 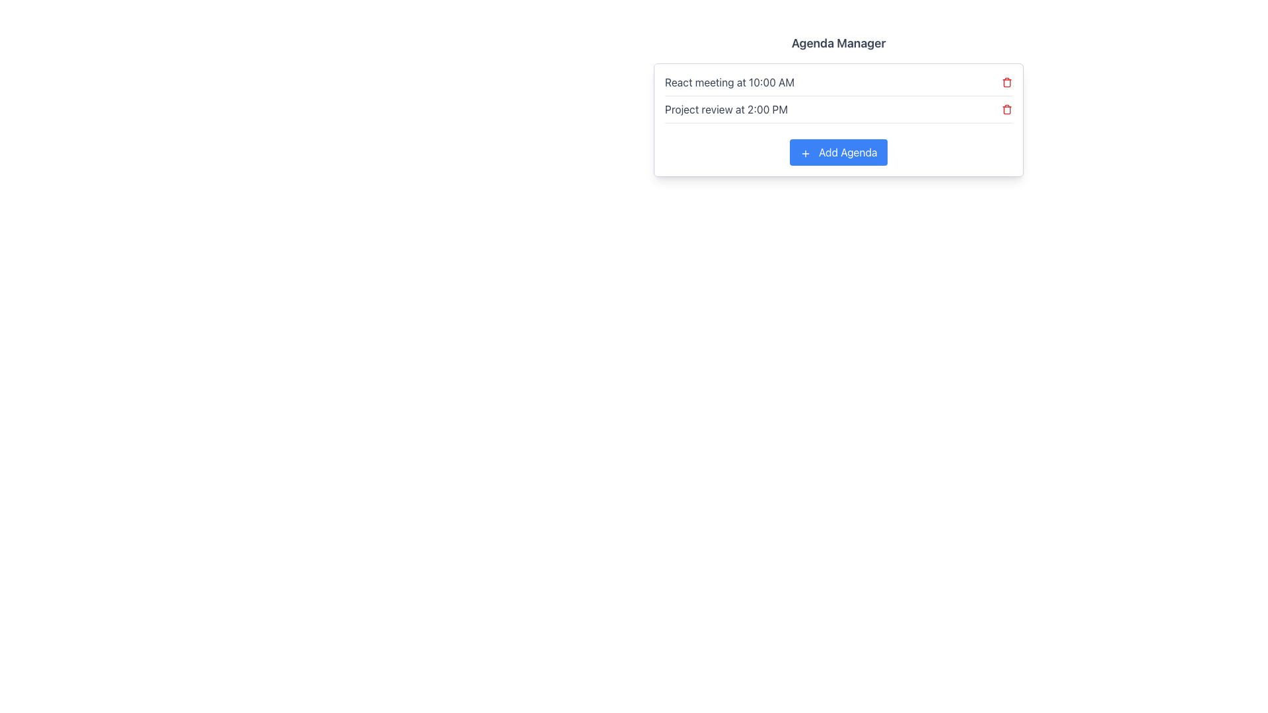 I want to click on text label in the second row of the agenda list, located directly below the entry labeled 'React meeting at 10:00 AM', so click(x=731, y=108).